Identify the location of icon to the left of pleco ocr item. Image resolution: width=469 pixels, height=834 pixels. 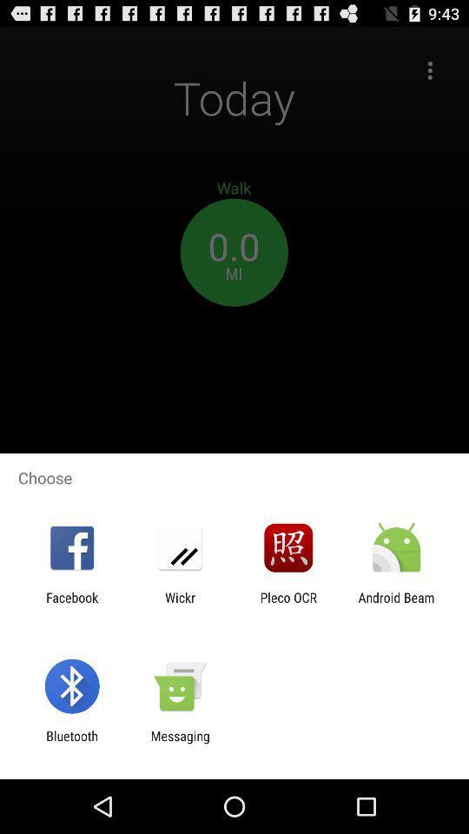
(179, 605).